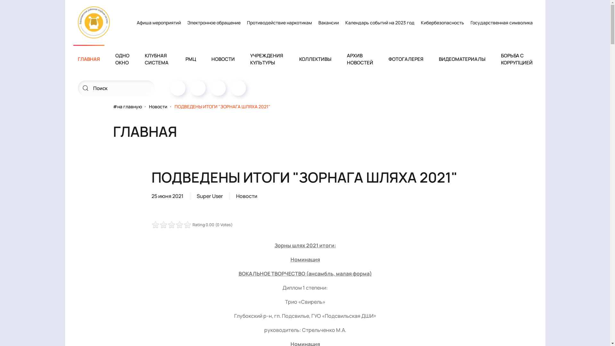  Describe the element at coordinates (171, 224) in the screenshot. I see `'1'` at that location.